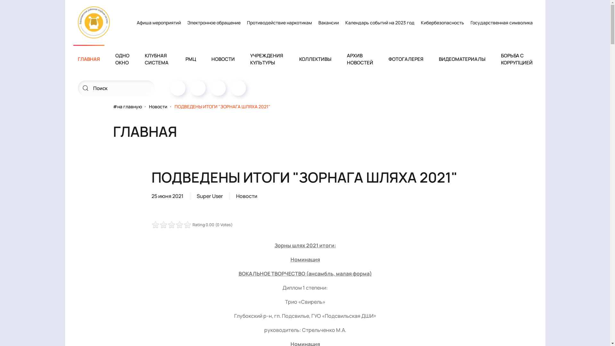  Describe the element at coordinates (171, 224) in the screenshot. I see `'1'` at that location.